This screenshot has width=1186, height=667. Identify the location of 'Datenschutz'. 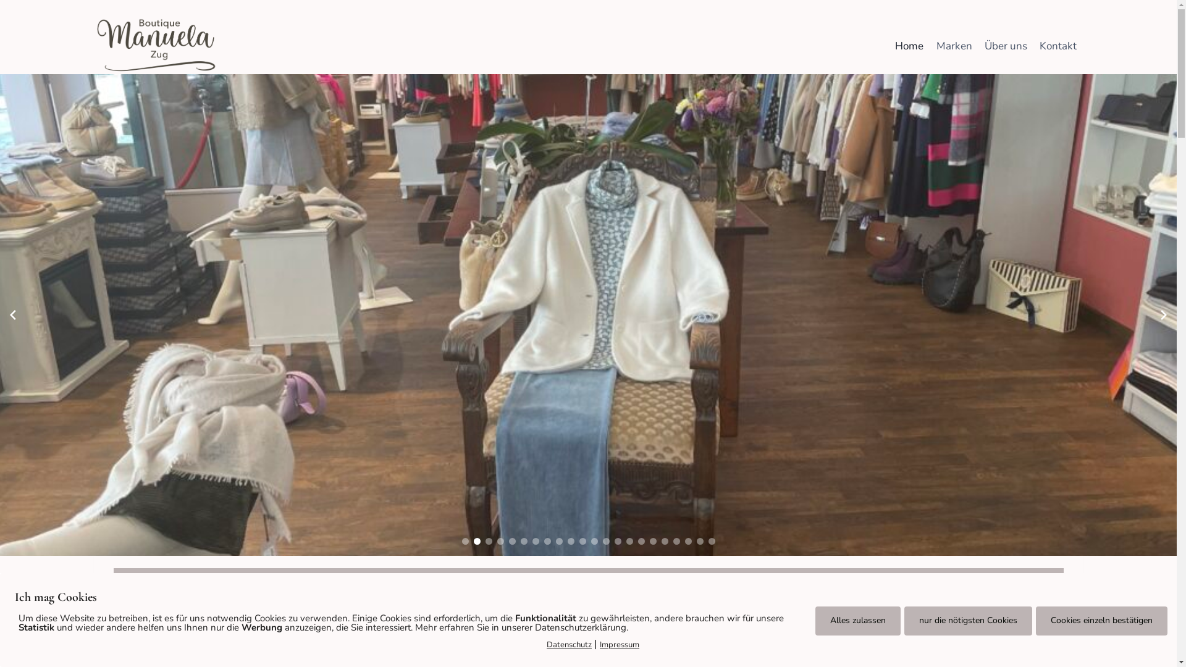
(568, 644).